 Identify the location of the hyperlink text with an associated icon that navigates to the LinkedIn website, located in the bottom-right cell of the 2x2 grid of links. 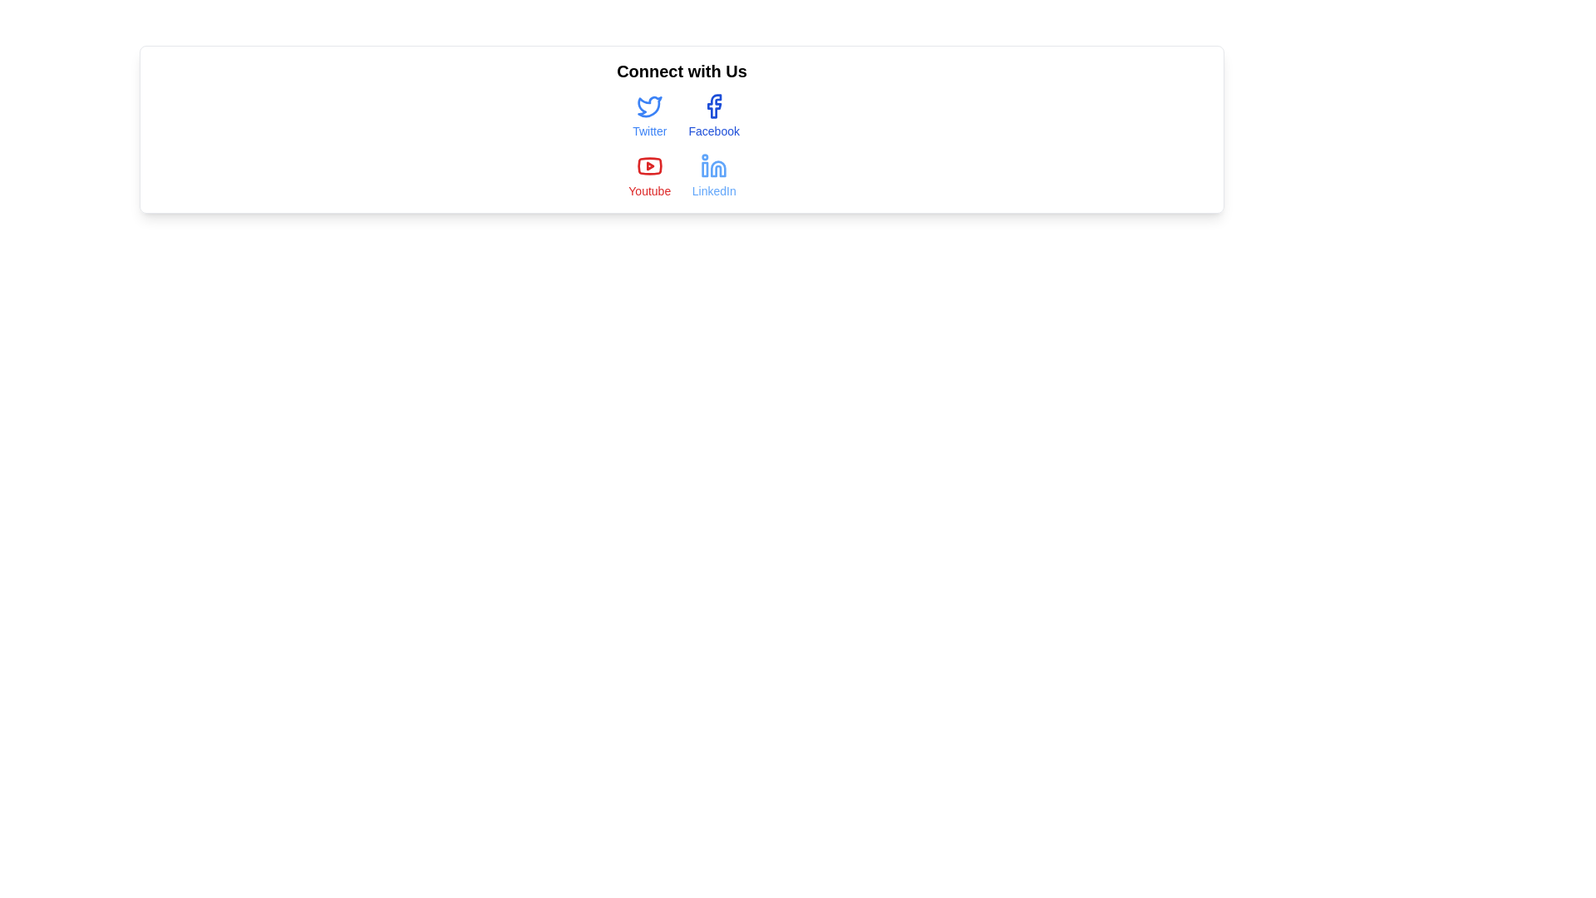
(714, 176).